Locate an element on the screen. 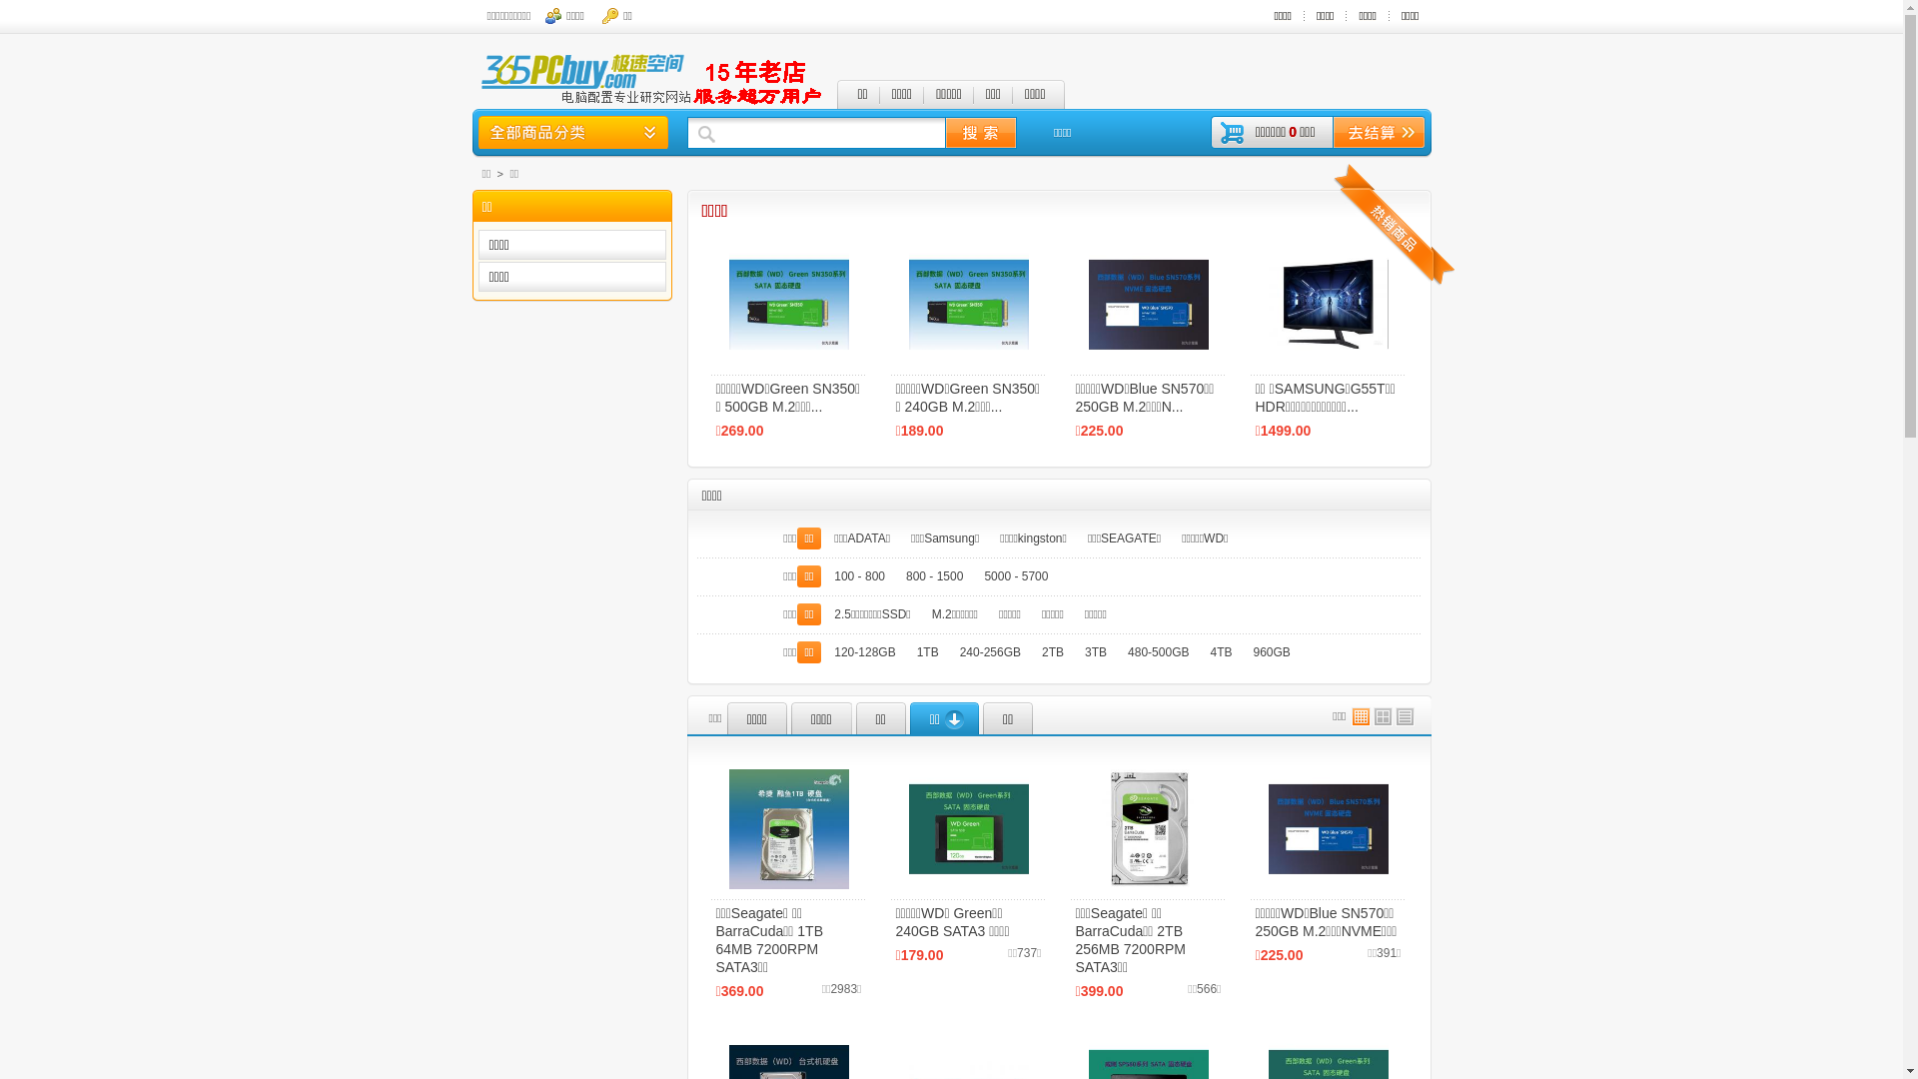 The image size is (1918, 1079). '4TB' is located at coordinates (1220, 651).